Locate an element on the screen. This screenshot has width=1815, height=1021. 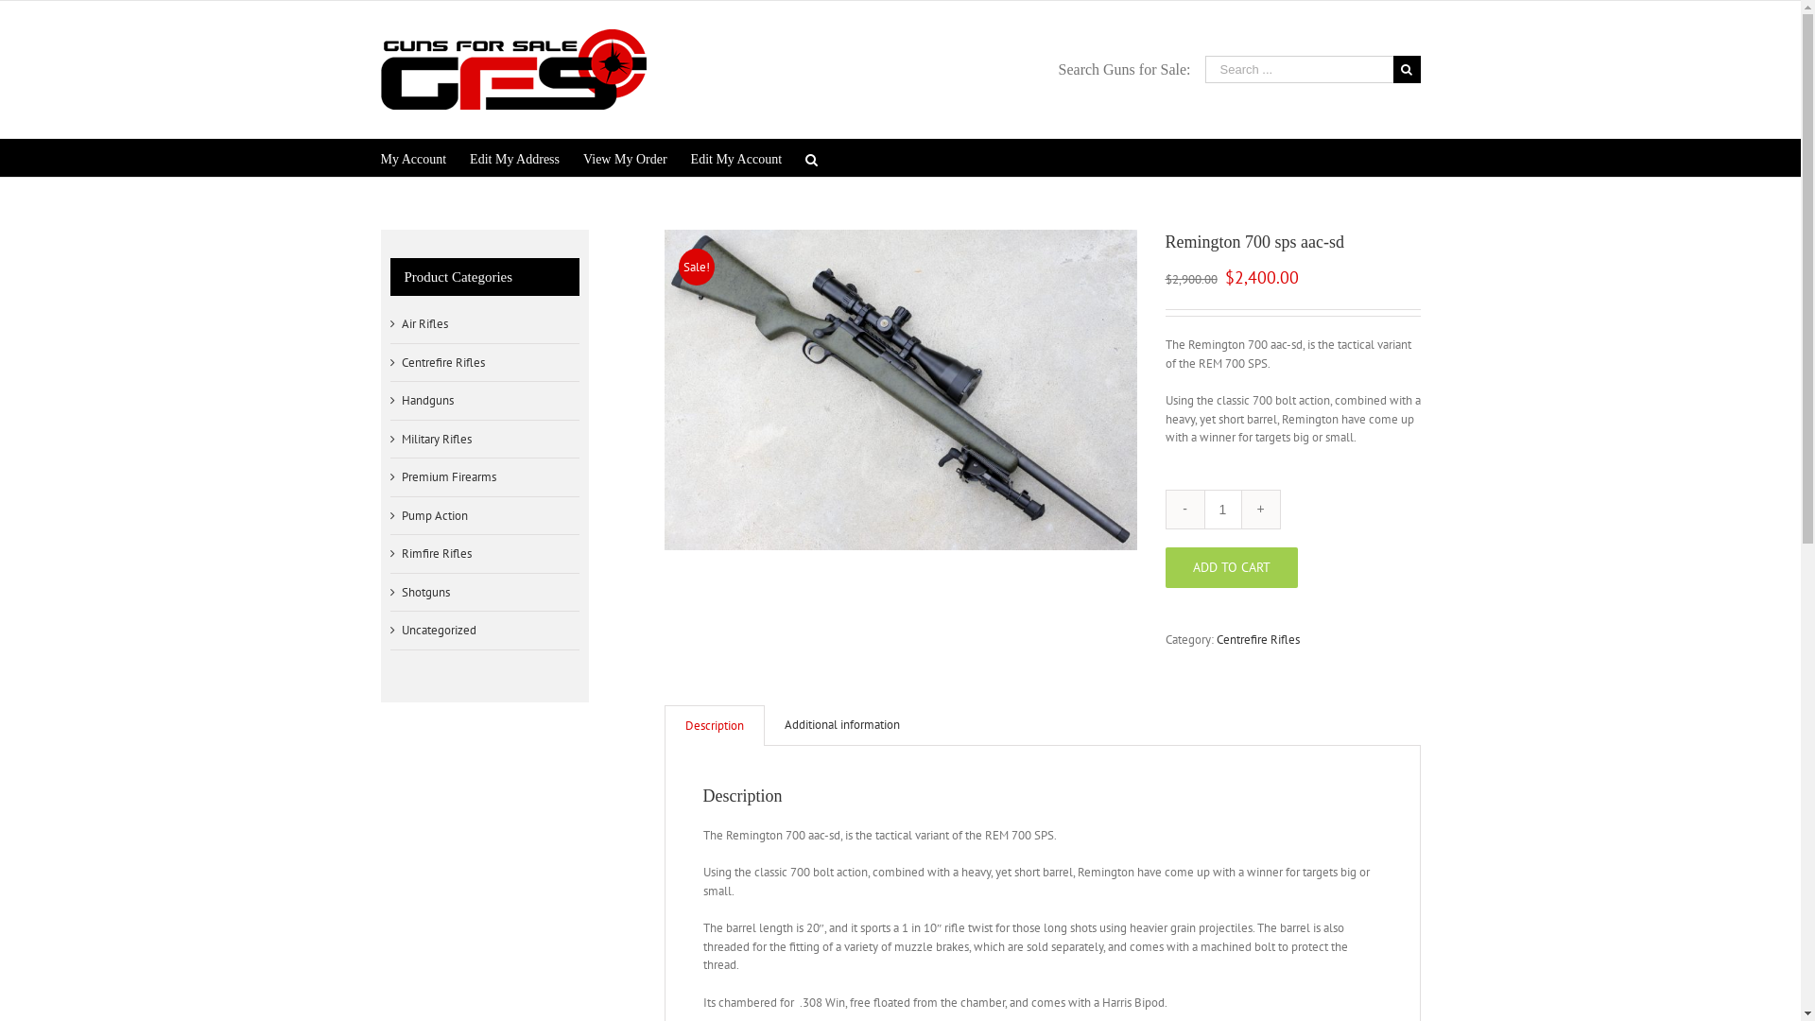
'Rimfire Rifles' is located at coordinates (434, 553).